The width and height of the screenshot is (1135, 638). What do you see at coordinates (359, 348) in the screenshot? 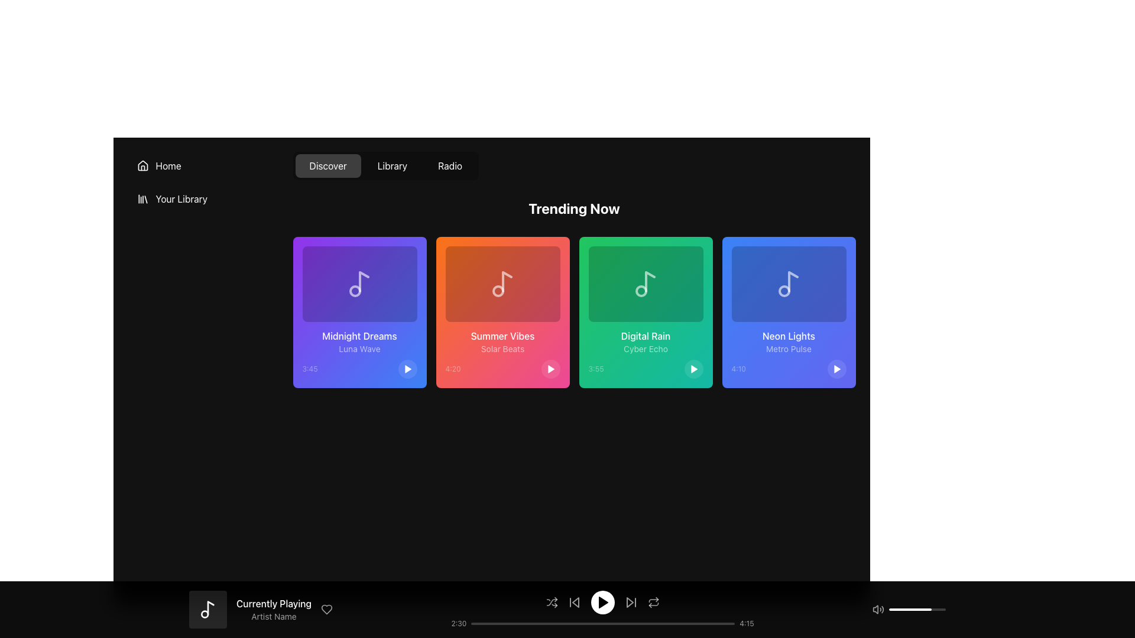
I see `the text label that provides additional information about the artist or album, located directly underneath the 'Midnight Dreams' title in the 'Trending Now' section` at bounding box center [359, 348].